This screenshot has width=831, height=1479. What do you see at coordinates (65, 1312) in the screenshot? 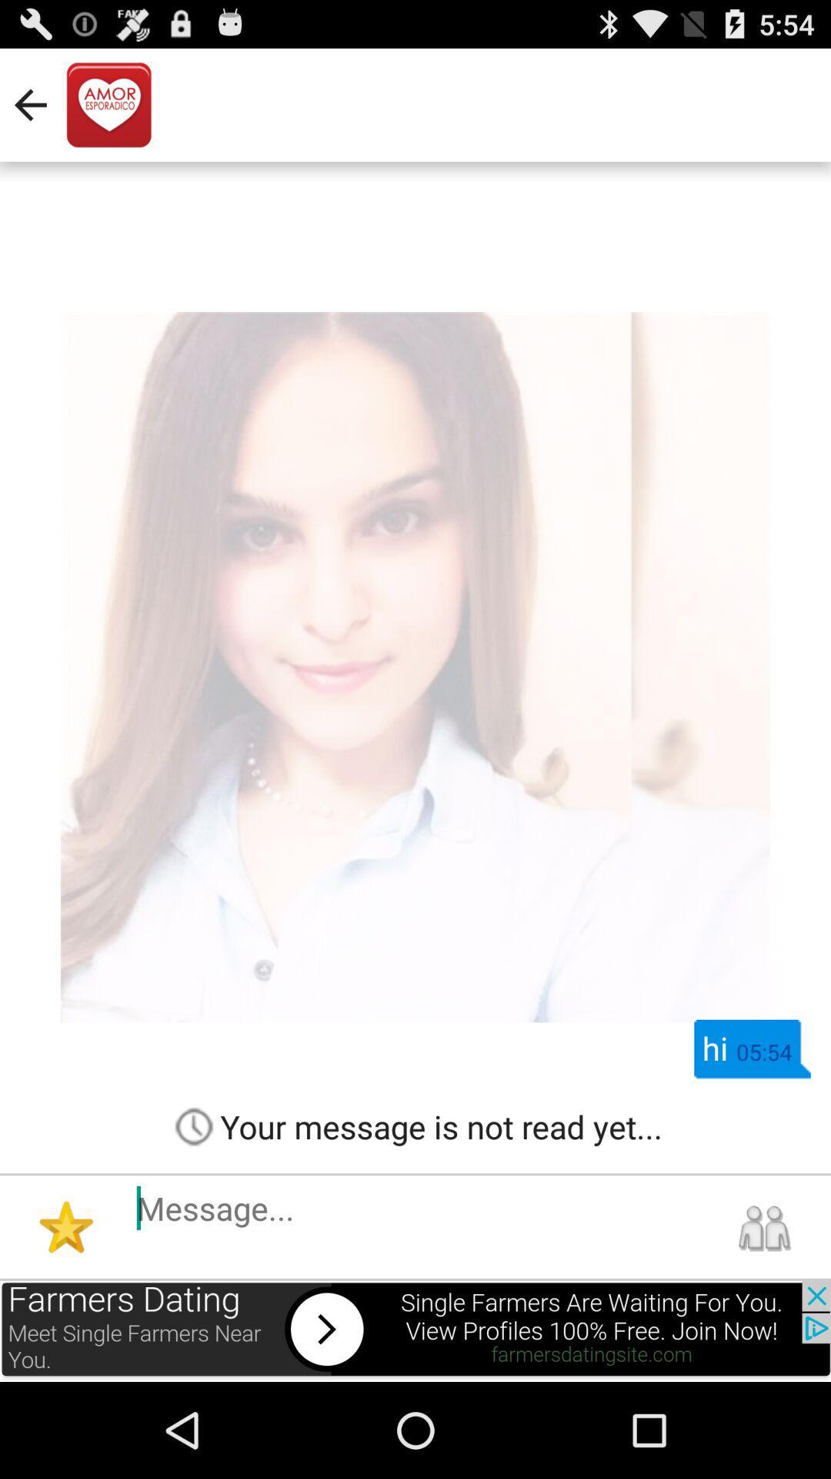
I see `the star icon` at bounding box center [65, 1312].